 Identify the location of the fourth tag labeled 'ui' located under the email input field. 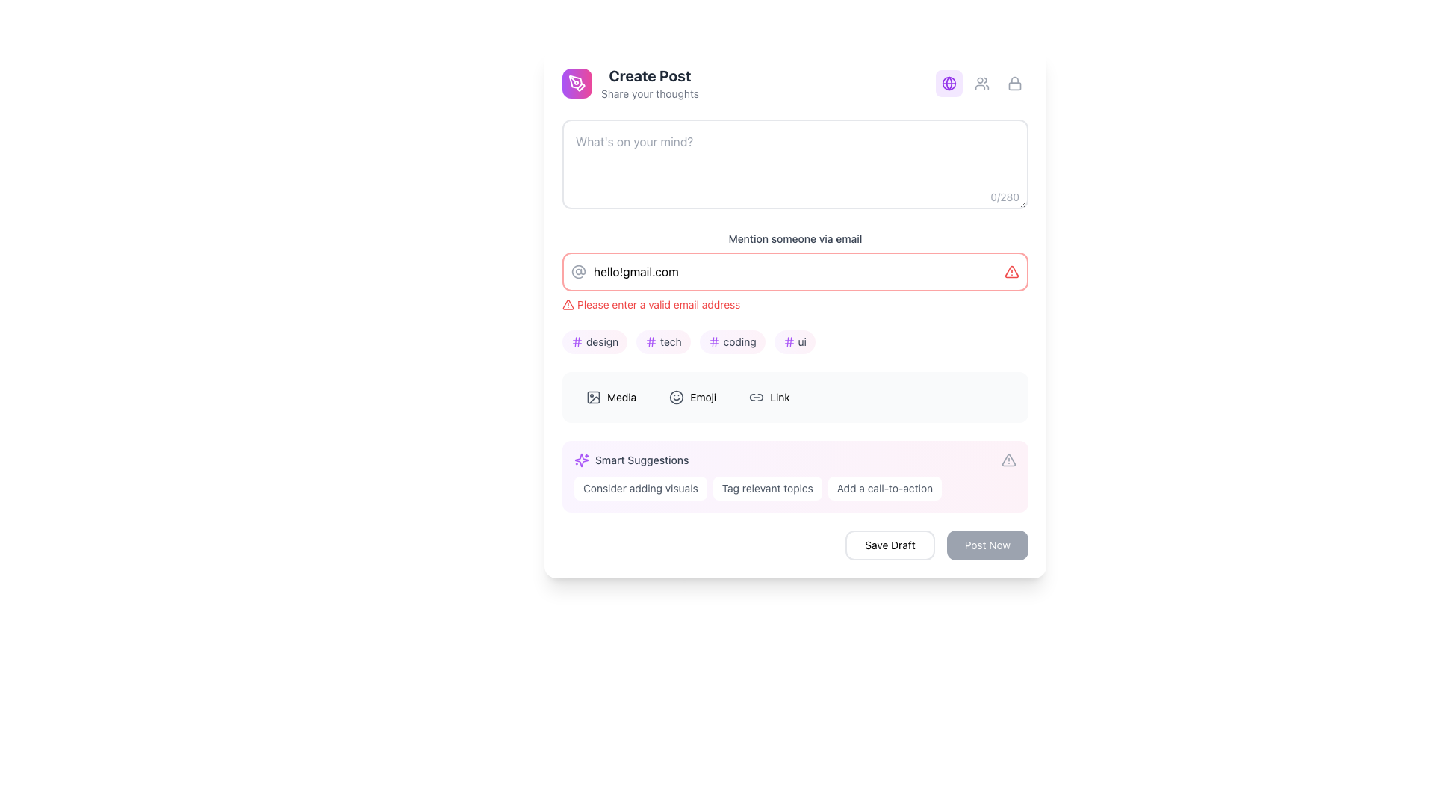
(794, 342).